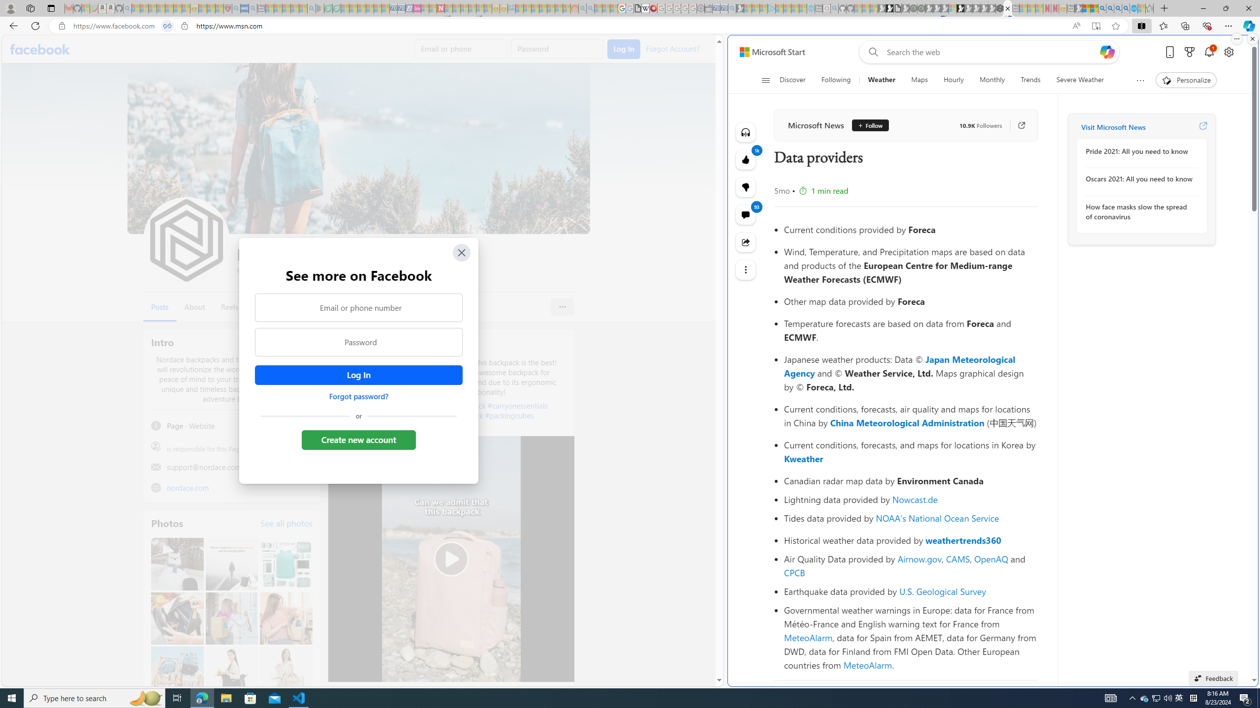 The width and height of the screenshot is (1260, 708). Describe the element at coordinates (835, 80) in the screenshot. I see `'Following'` at that location.